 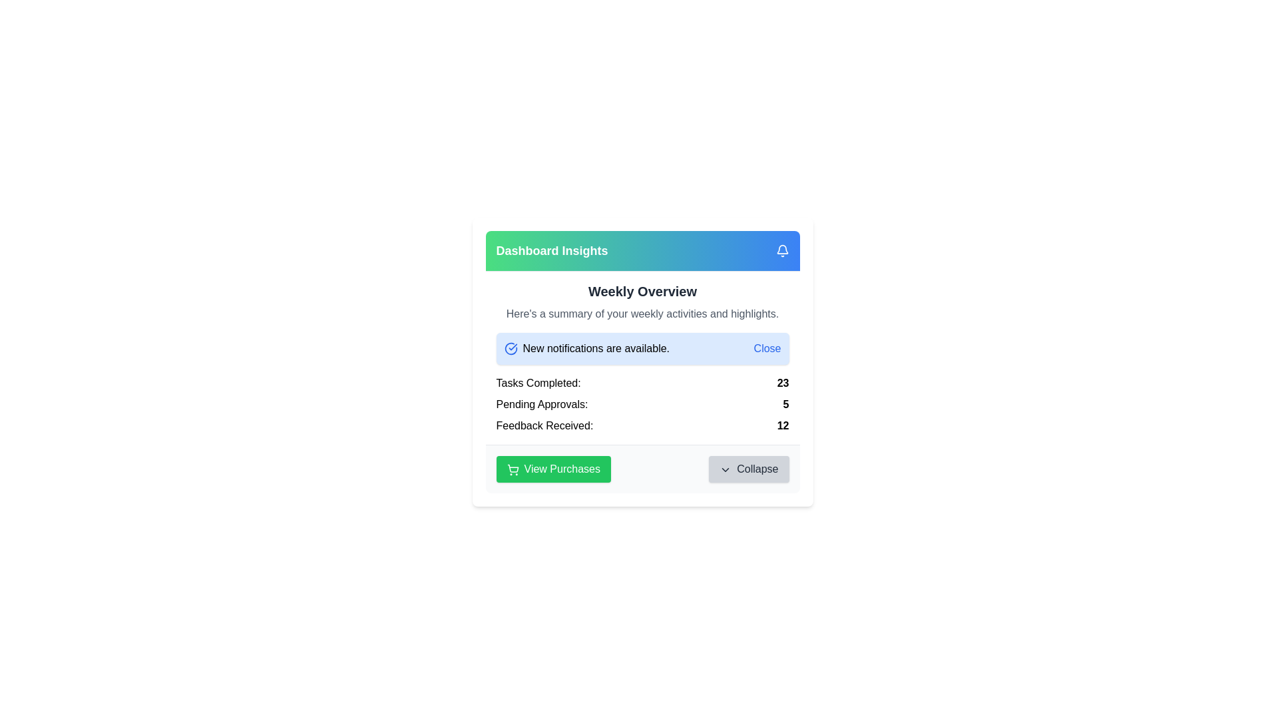 What do you see at coordinates (595, 348) in the screenshot?
I see `the text label displaying 'New notifications are available.' positioned below the 'Weekly Overview' header` at bounding box center [595, 348].